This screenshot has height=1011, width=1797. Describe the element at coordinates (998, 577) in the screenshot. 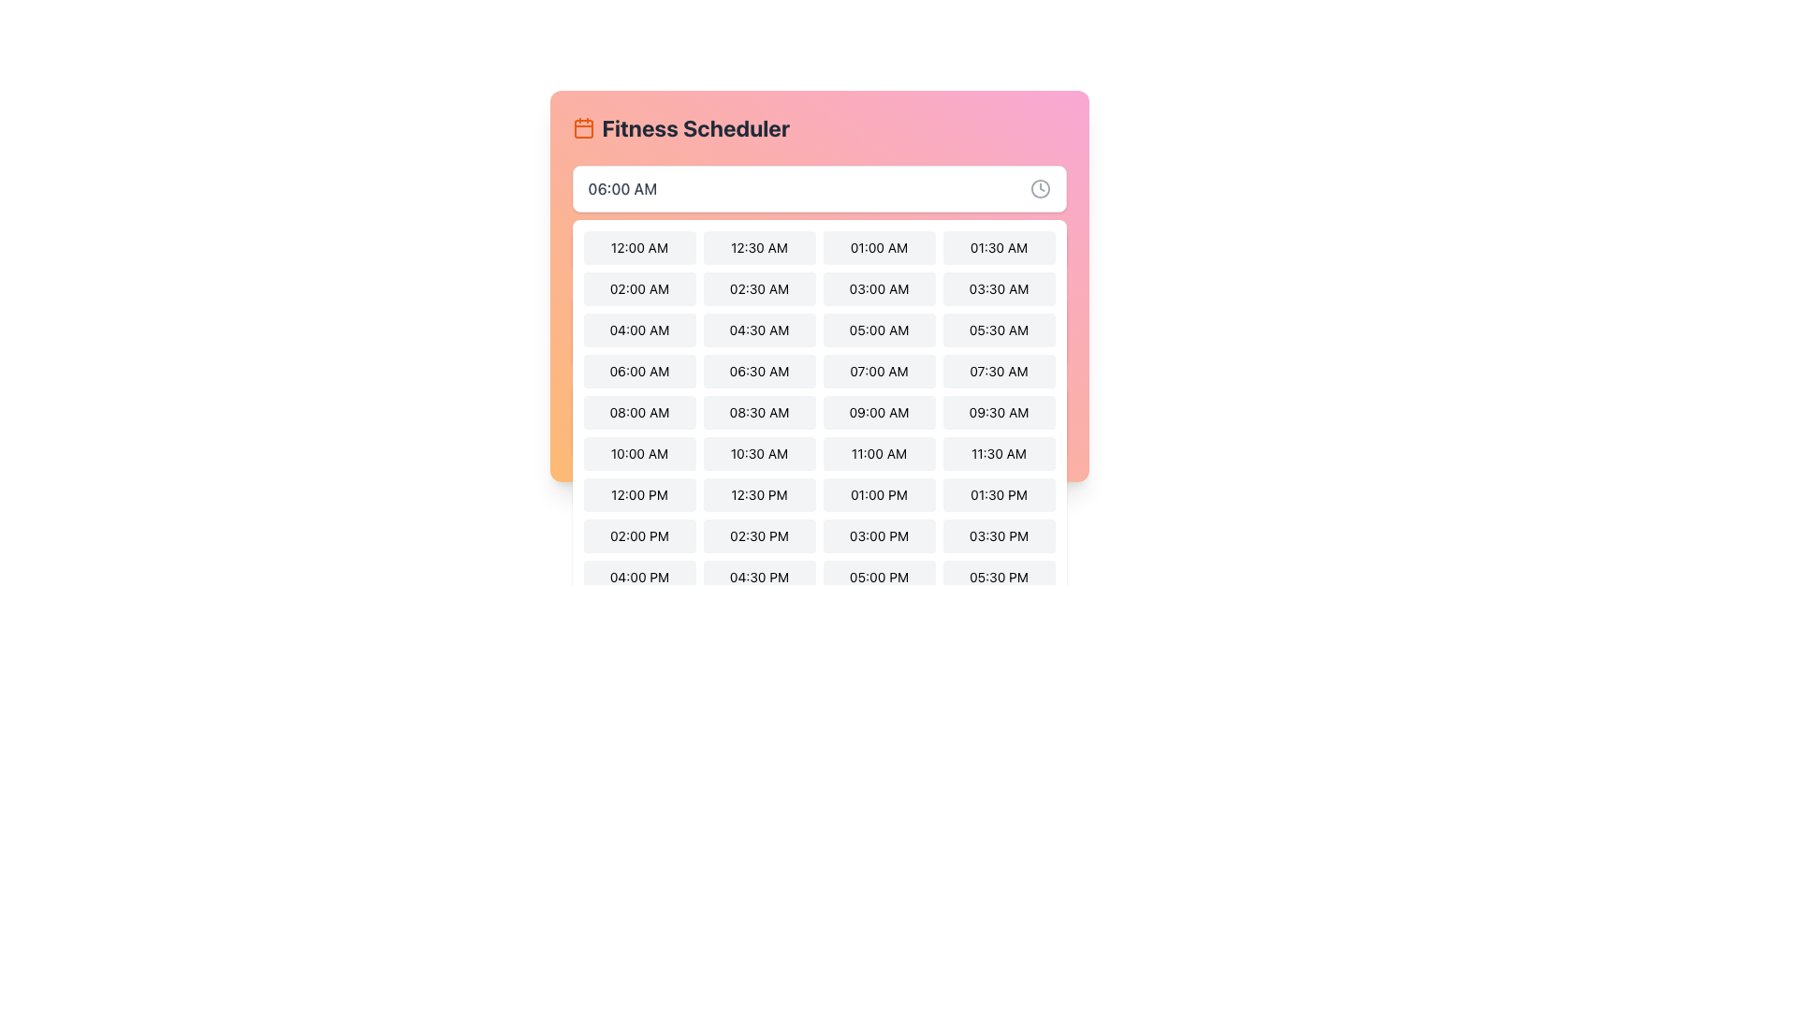

I see `the rectangular button with a light gray background and the text '05:30 PM' located in the 4th column of the 9th row` at that location.